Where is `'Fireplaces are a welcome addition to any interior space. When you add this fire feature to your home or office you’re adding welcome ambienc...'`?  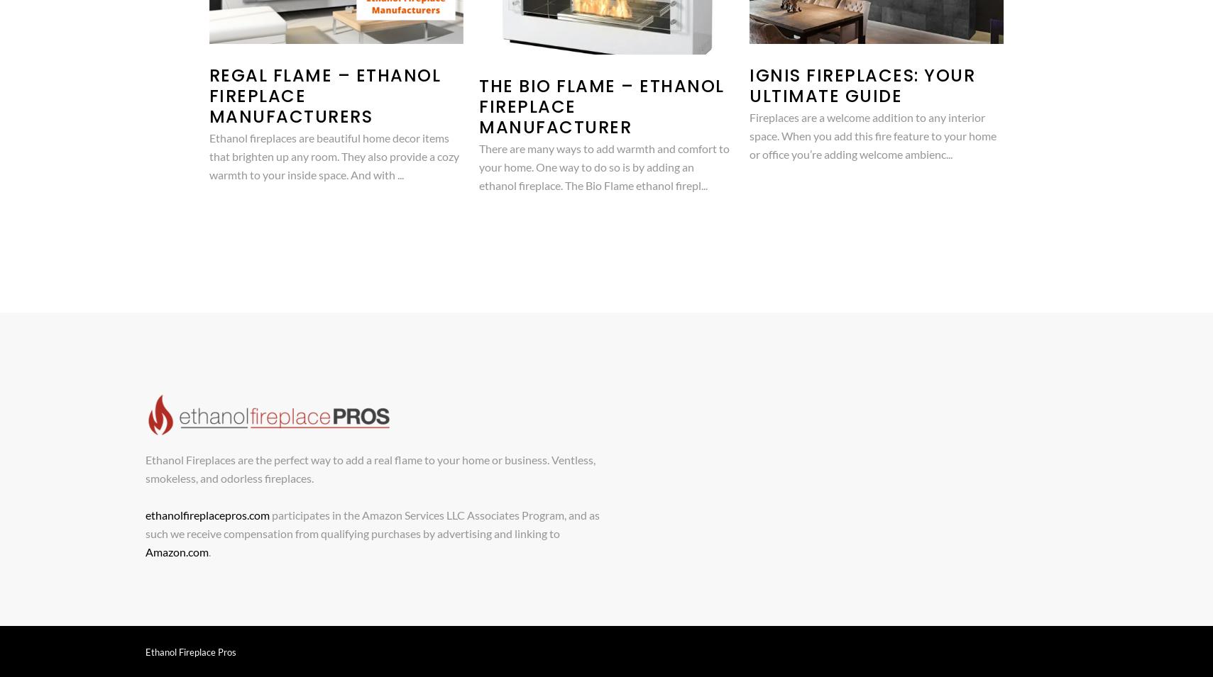 'Fireplaces are a welcome addition to any interior space. When you add this fire feature to your home or office you’re adding welcome ambienc...' is located at coordinates (872, 135).